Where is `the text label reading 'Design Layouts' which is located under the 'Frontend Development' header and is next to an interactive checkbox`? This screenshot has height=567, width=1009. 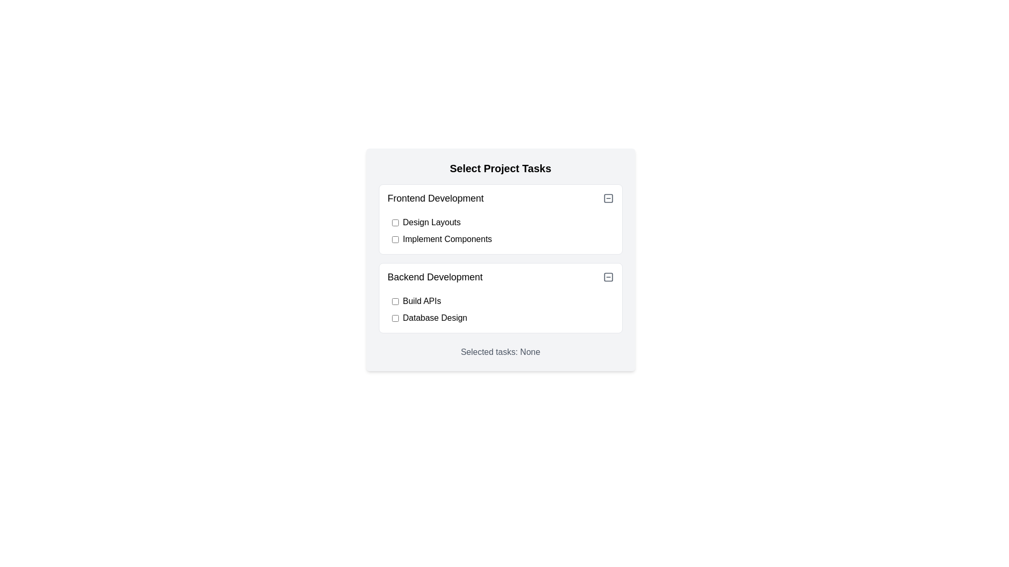 the text label reading 'Design Layouts' which is located under the 'Frontend Development' header and is next to an interactive checkbox is located at coordinates (431, 222).